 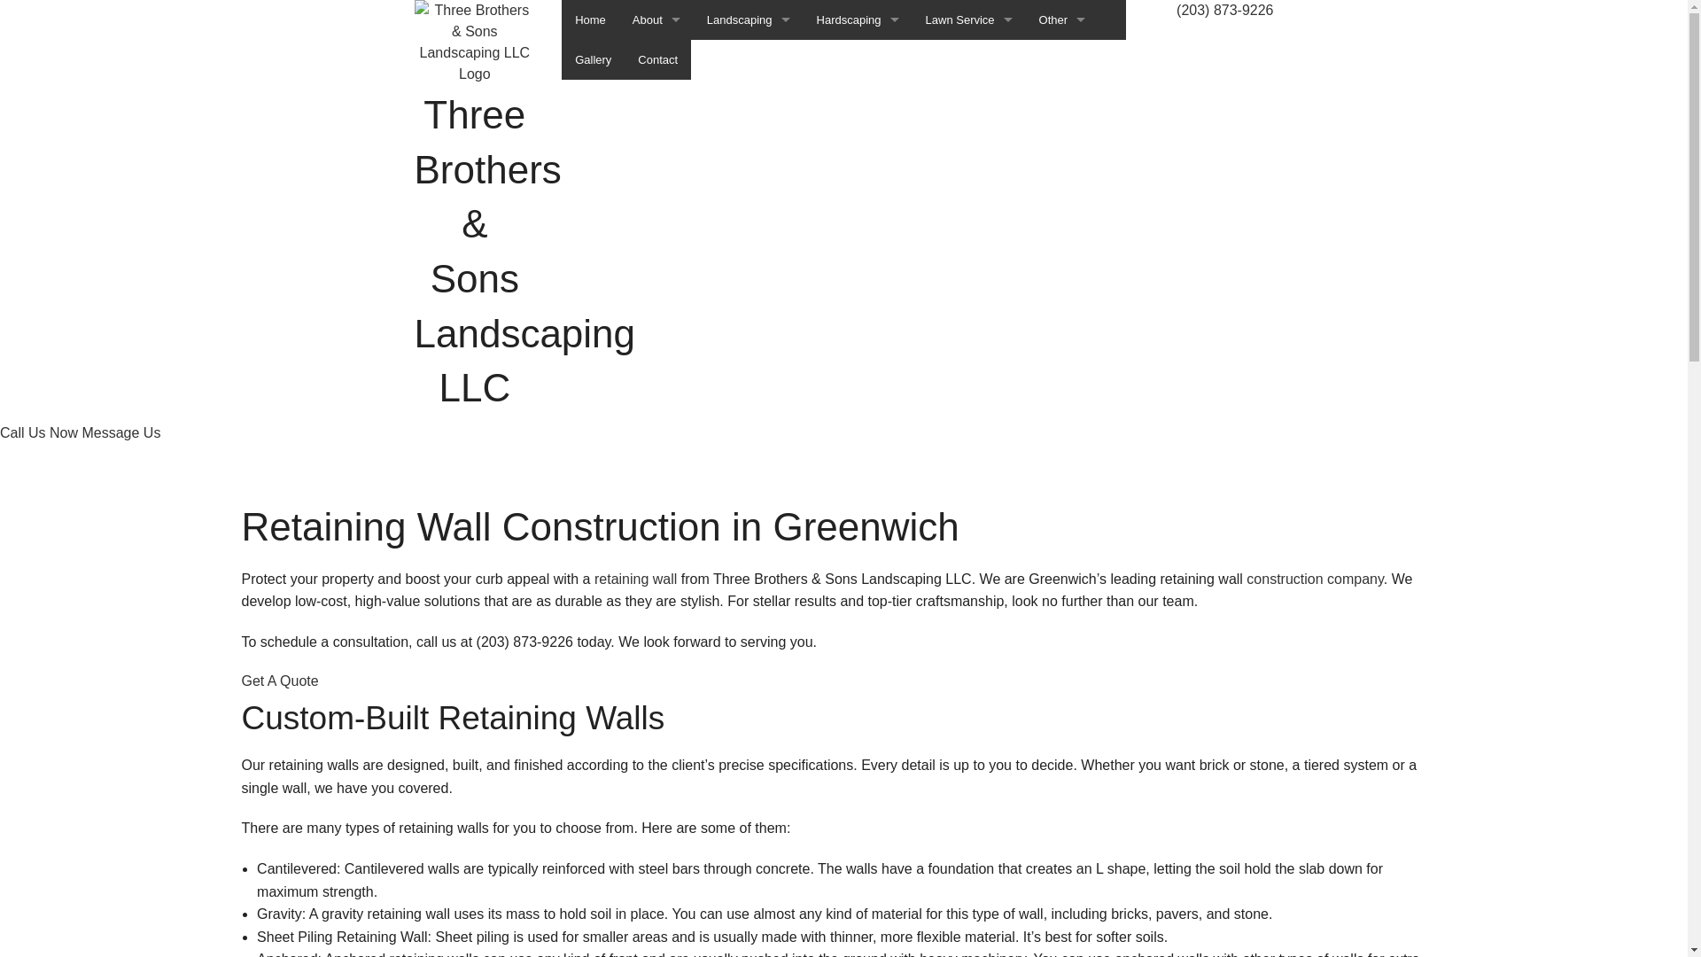 What do you see at coordinates (1062, 457) in the screenshot?
I see `'Tree Removal'` at bounding box center [1062, 457].